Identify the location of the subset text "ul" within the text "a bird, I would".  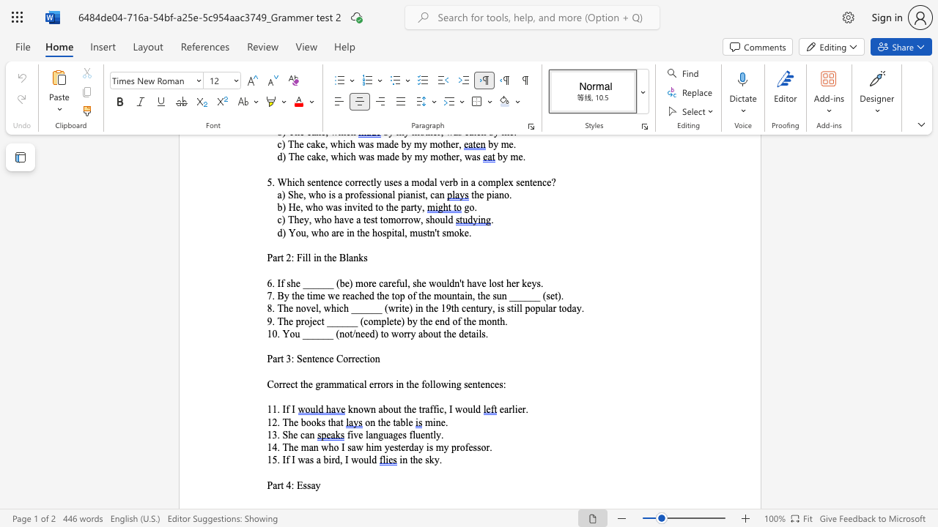
(363, 459).